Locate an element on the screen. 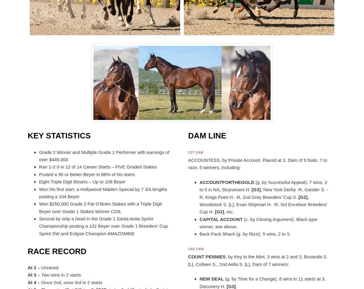 This screenshot has width=364, height=289. 'Key Statistics' is located at coordinates (59, 135).